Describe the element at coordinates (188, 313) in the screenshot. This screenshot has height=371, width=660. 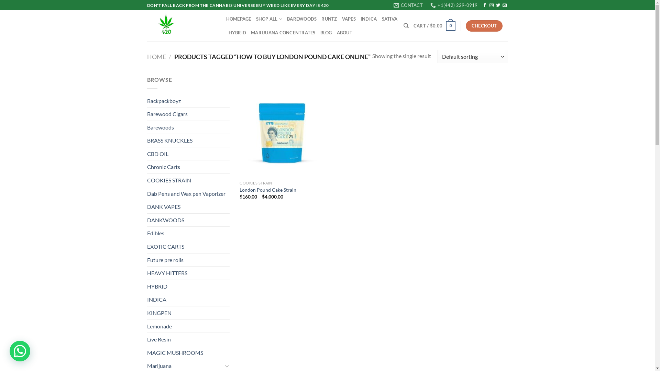
I see `'KINGPEN'` at that location.